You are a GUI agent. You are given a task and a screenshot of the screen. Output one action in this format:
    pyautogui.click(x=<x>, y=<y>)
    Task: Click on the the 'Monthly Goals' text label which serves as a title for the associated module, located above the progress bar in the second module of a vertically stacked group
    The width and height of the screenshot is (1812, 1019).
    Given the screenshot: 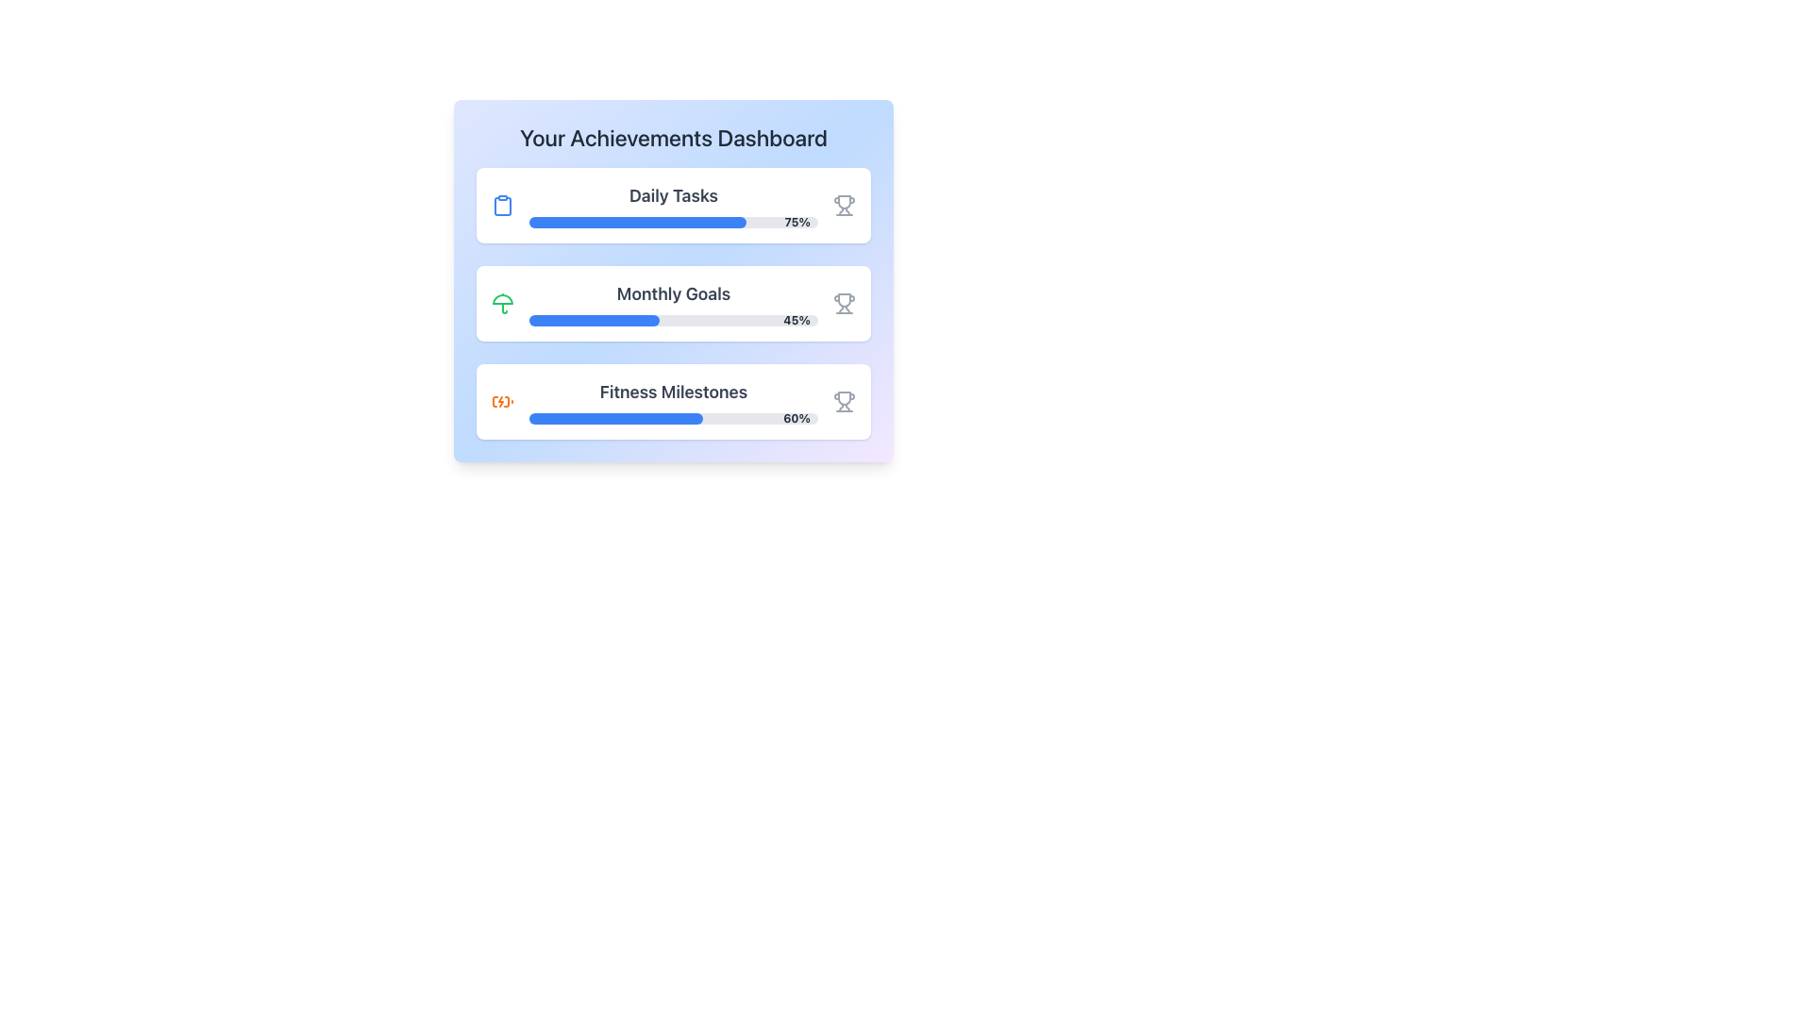 What is the action you would take?
    pyautogui.click(x=674, y=294)
    